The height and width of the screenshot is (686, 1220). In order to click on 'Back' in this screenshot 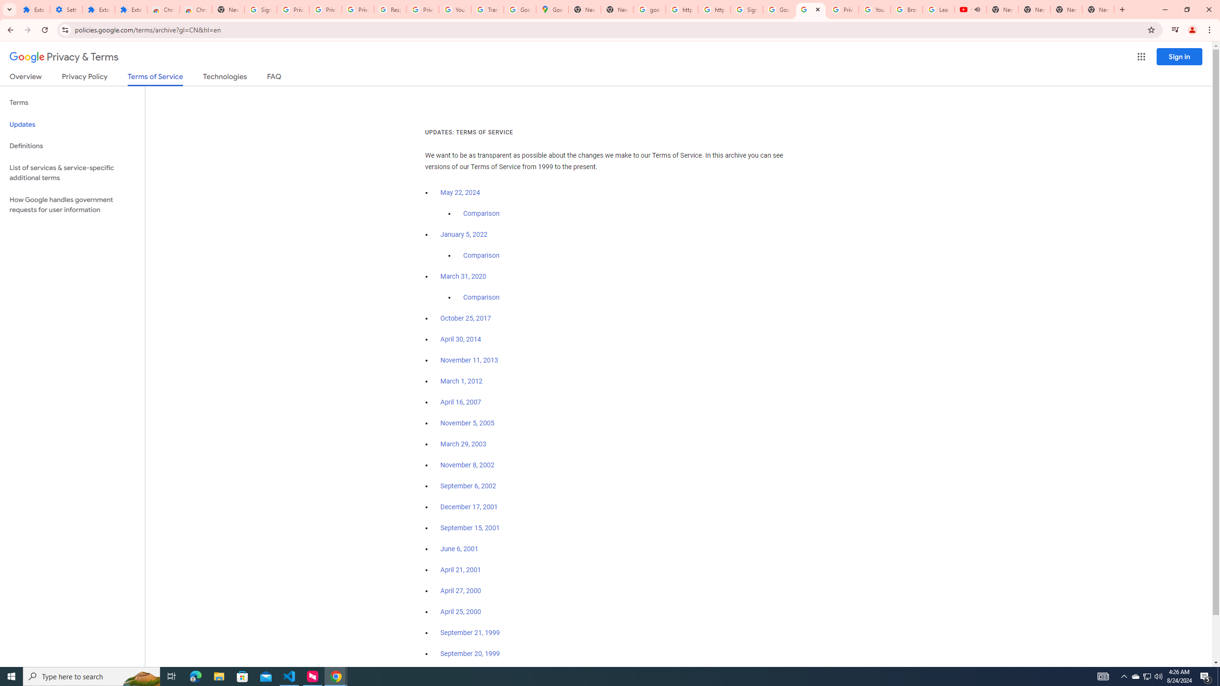, I will do `click(9, 30)`.